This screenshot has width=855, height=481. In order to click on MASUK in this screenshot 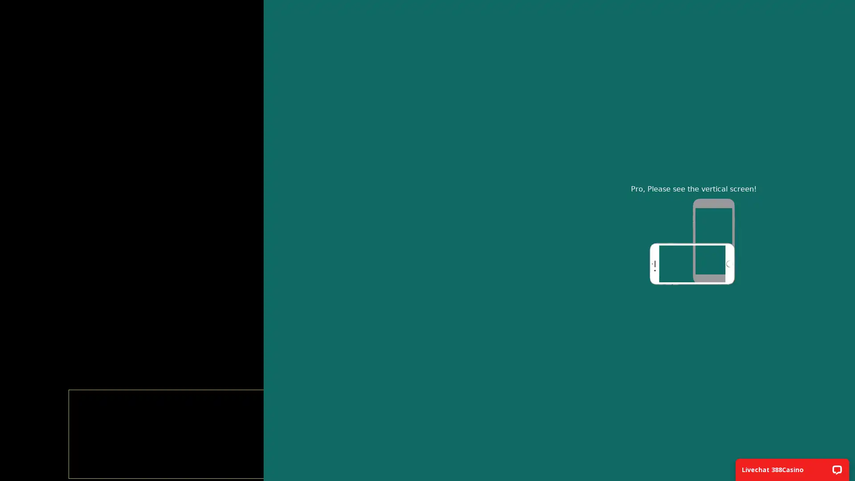, I will do `click(427, 170)`.